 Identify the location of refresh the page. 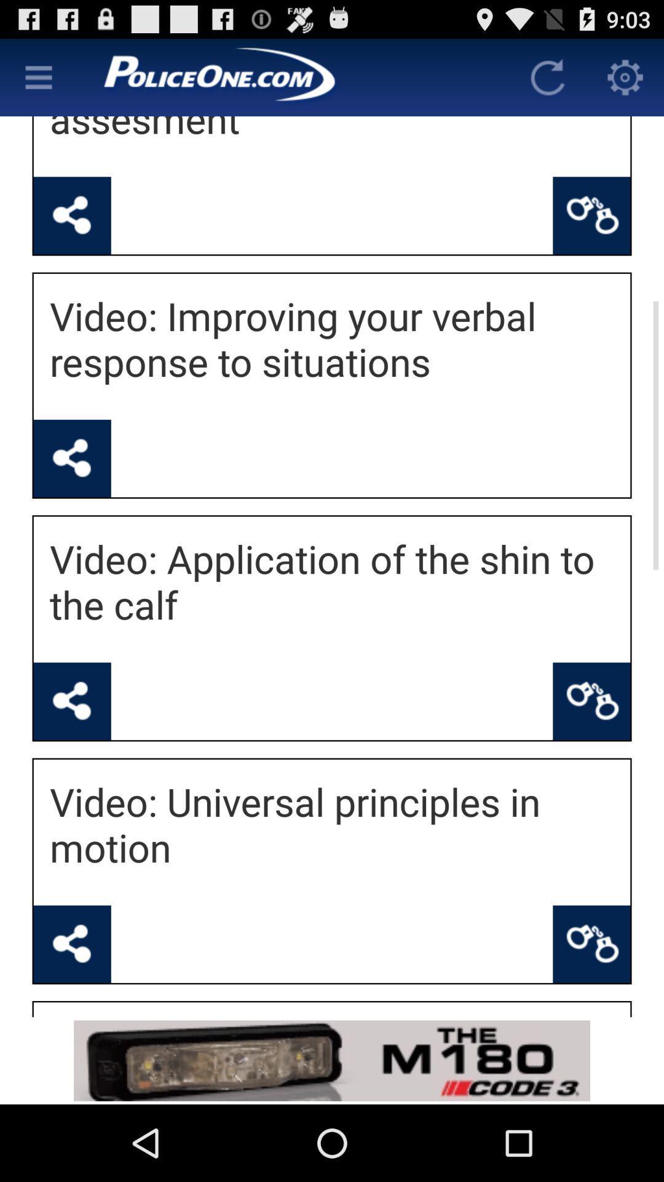
(547, 76).